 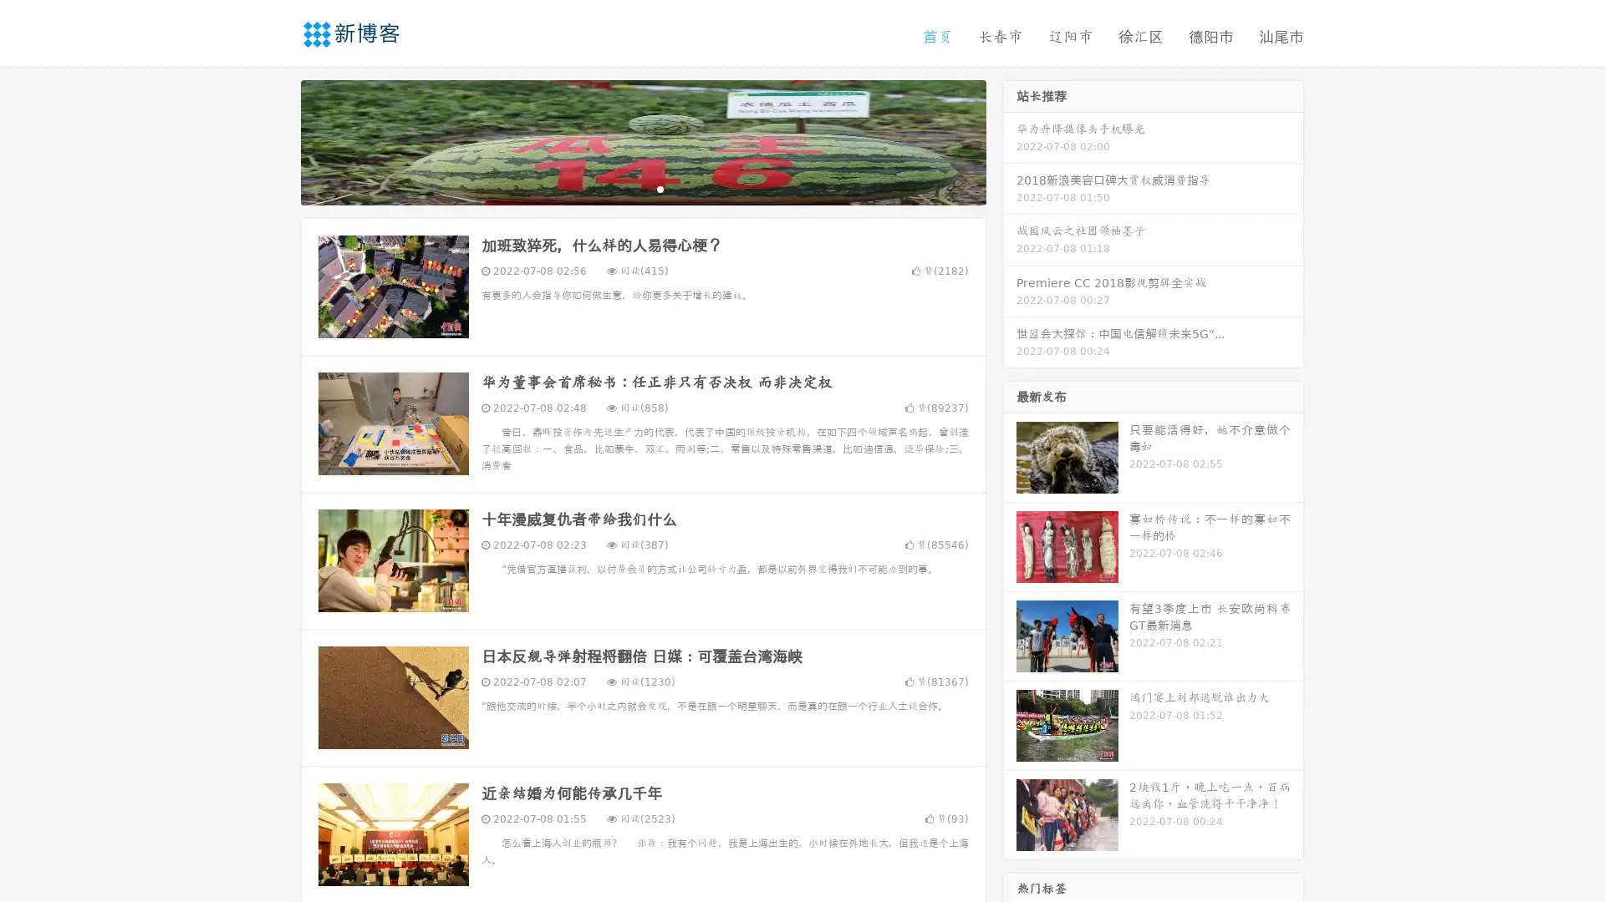 I want to click on Previous slide, so click(x=276, y=140).